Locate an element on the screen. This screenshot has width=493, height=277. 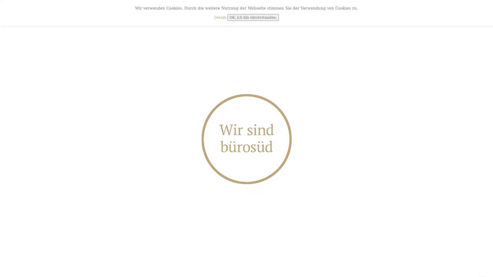
OK, ich bin einverstanden. is located at coordinates (253, 17).